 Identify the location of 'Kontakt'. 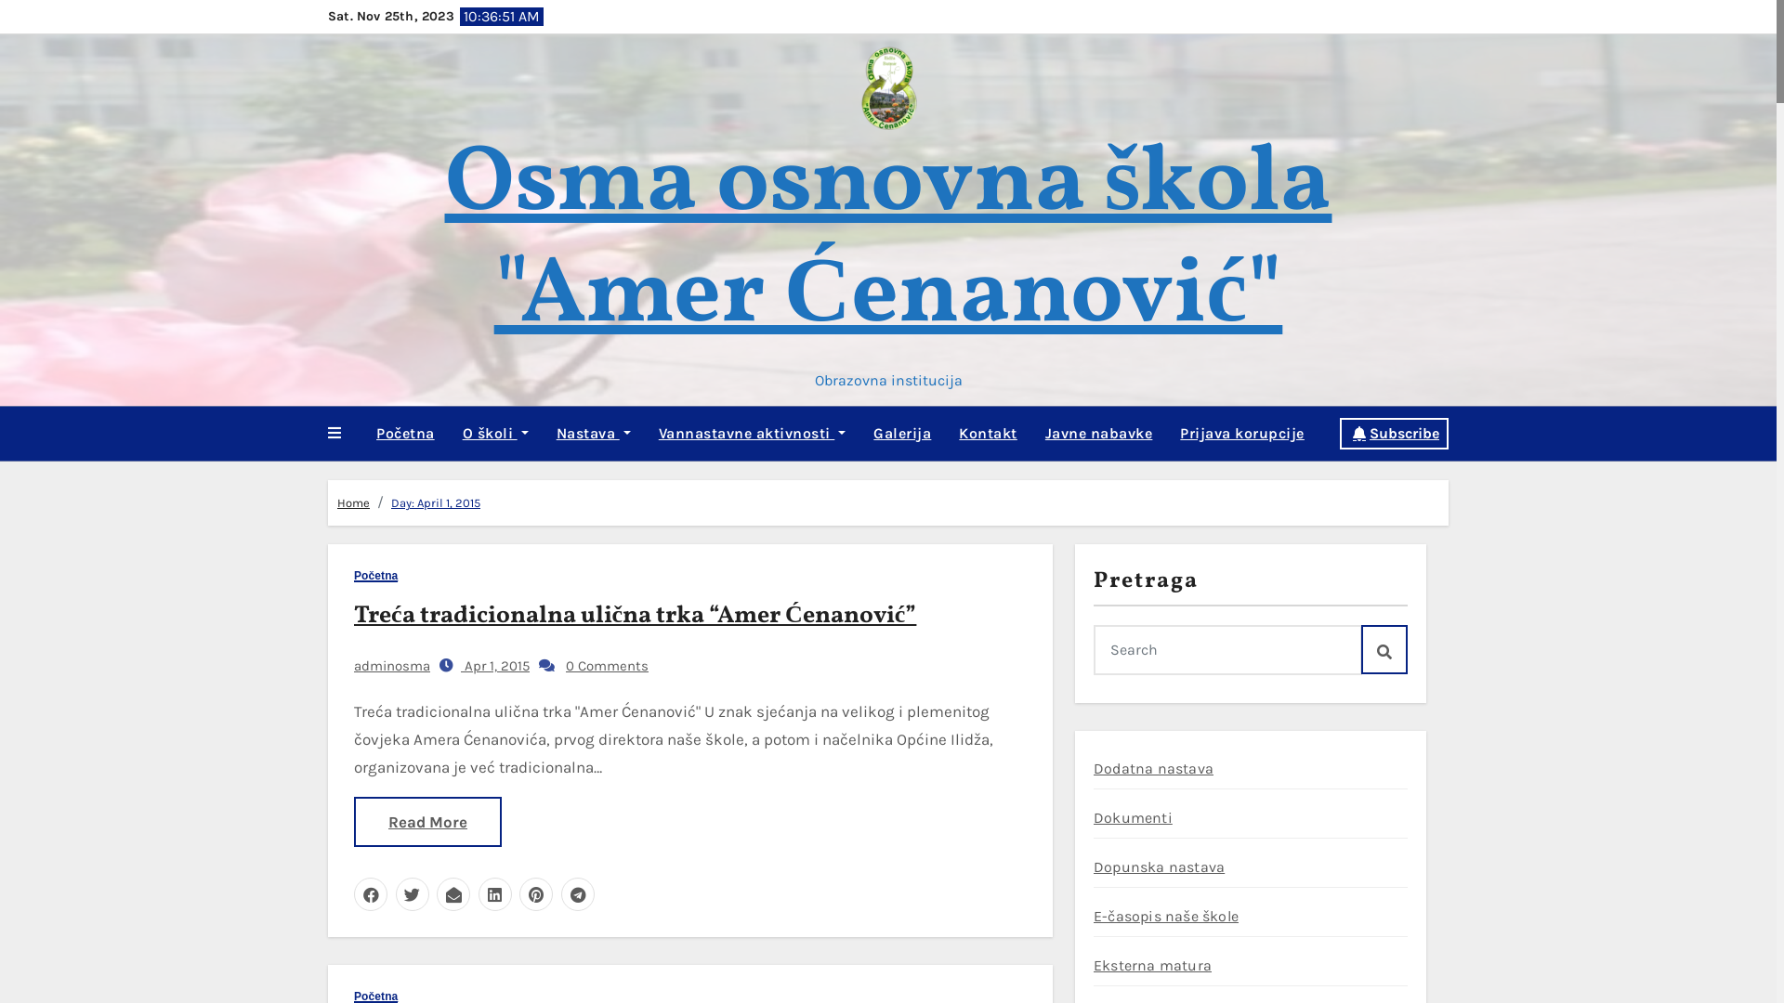
(987, 433).